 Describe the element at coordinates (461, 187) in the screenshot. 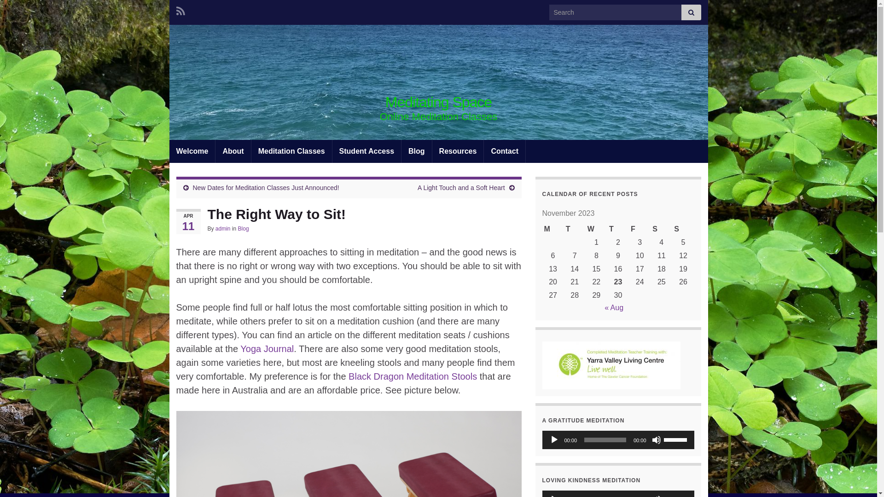

I see `'A Light Touch and a Soft Heart'` at that location.